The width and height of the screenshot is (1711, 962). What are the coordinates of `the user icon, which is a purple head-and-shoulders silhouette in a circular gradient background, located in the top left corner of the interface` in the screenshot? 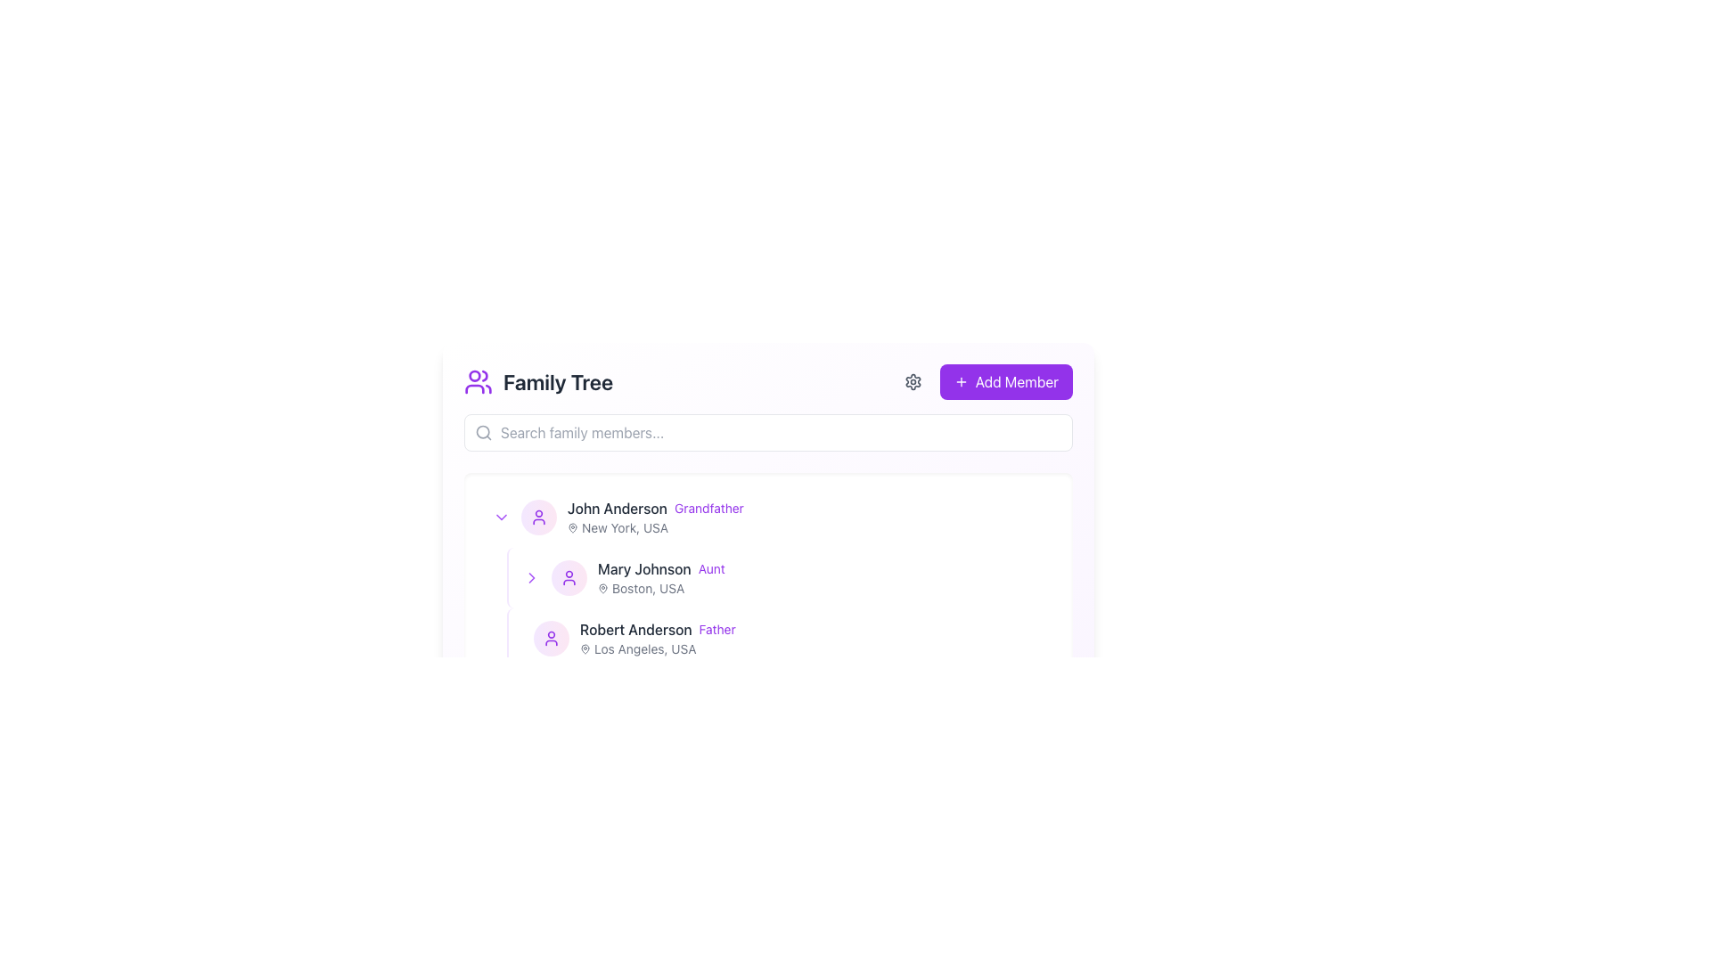 It's located at (568, 577).